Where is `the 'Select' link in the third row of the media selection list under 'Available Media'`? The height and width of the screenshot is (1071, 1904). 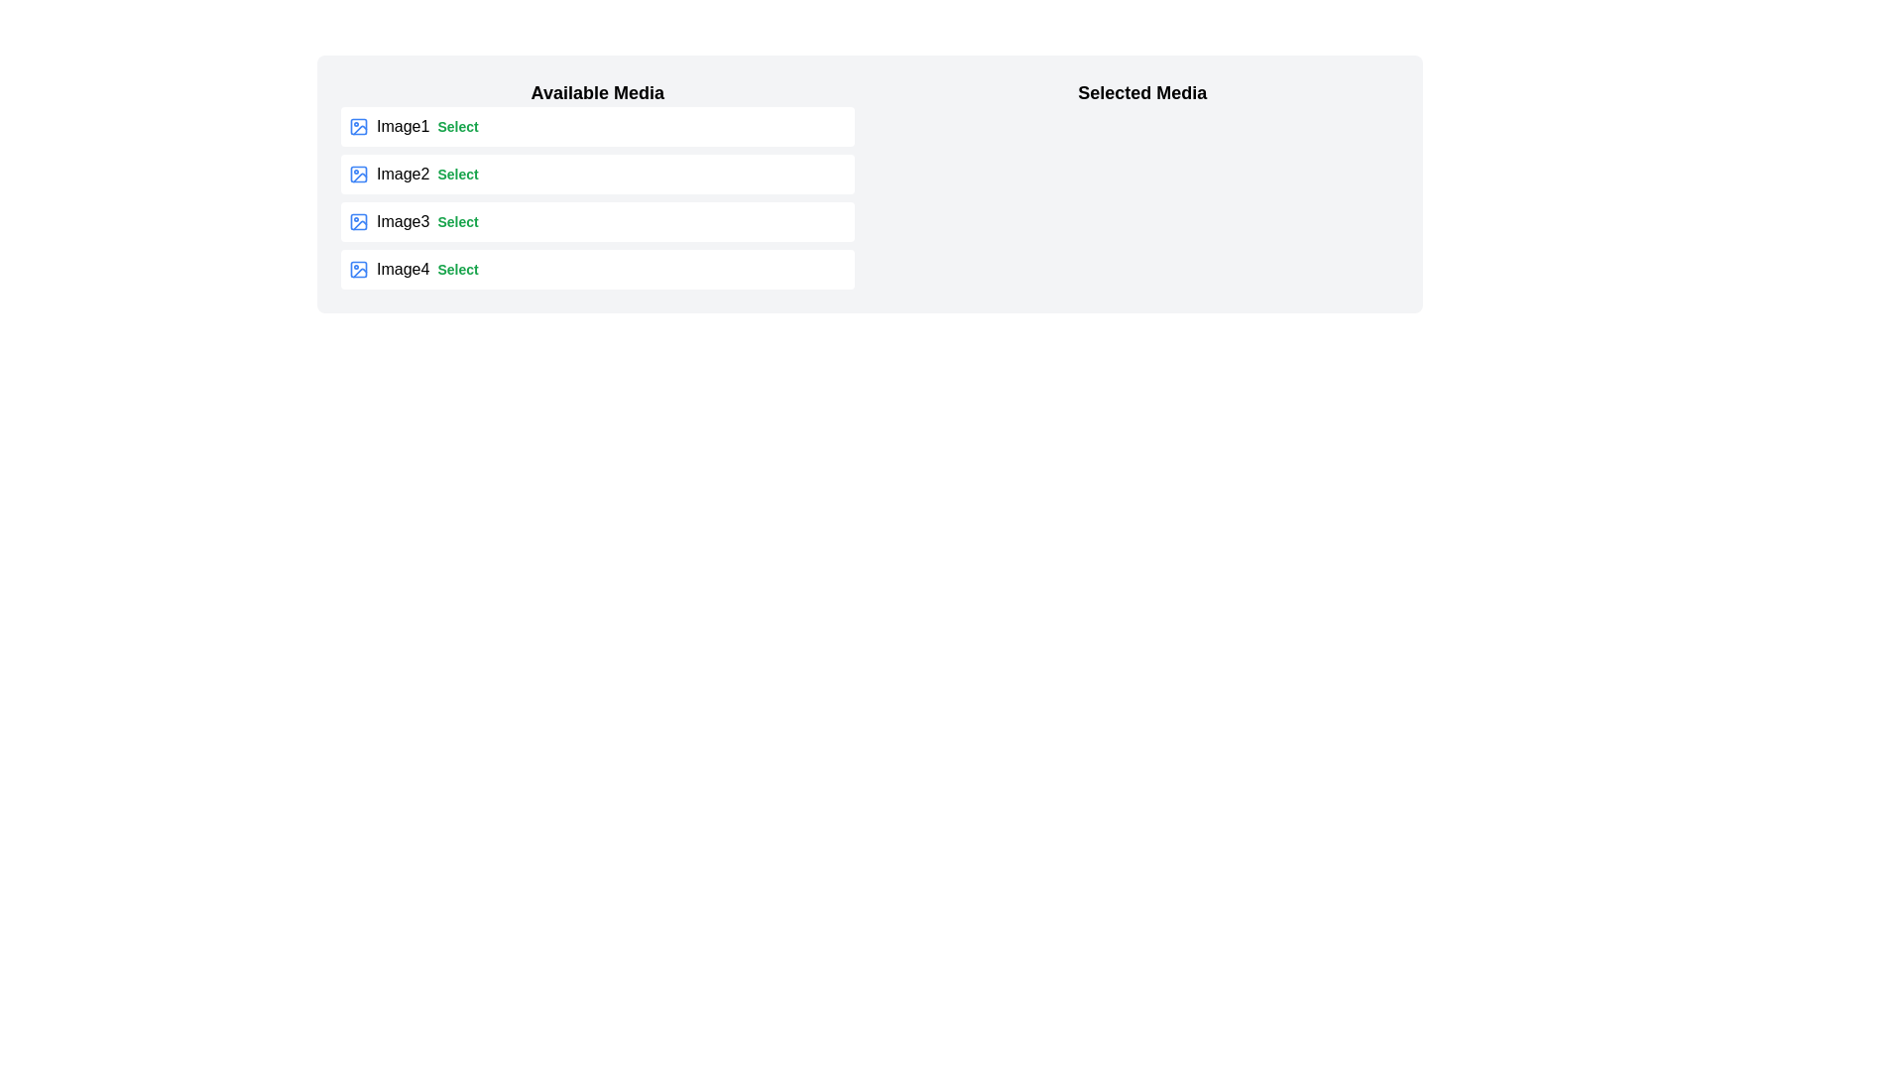
the 'Select' link in the third row of the media selection list under 'Available Media' is located at coordinates (596, 221).